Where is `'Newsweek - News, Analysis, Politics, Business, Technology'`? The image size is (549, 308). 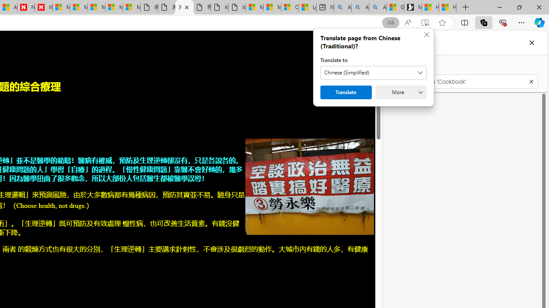
'Newsweek - News, Analysis, Politics, Business, Technology' is located at coordinates (26, 7).